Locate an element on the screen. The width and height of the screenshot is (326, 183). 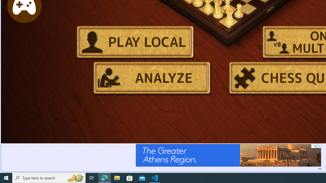
'Advertisement' is located at coordinates (228, 155).